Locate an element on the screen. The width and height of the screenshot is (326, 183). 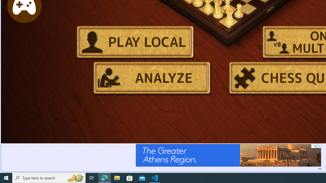
'Advertisement' is located at coordinates (228, 155).